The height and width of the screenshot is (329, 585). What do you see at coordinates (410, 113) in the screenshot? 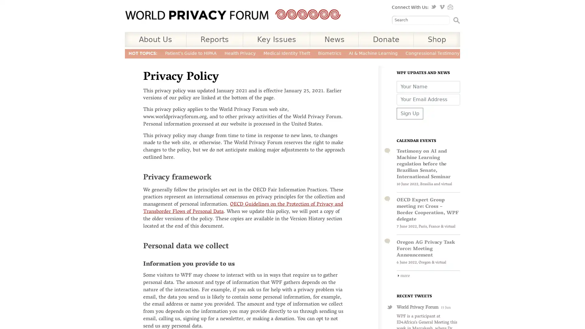
I see `Sign Up` at bounding box center [410, 113].